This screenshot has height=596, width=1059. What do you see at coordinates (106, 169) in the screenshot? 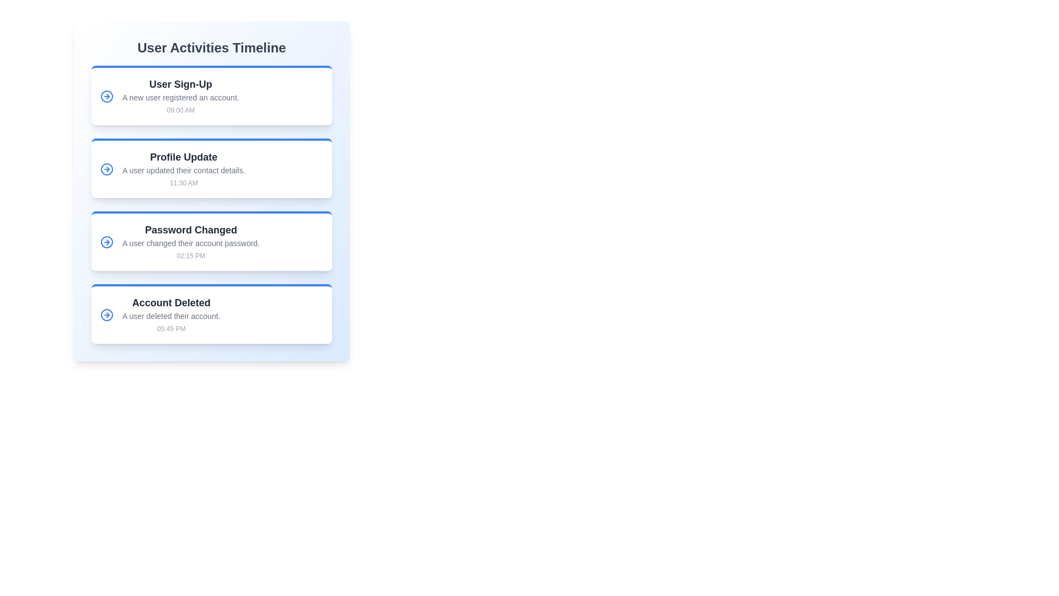
I see `the circular blue icon with a right-pointing arrow located to the left of the 'Profile Update' text` at bounding box center [106, 169].